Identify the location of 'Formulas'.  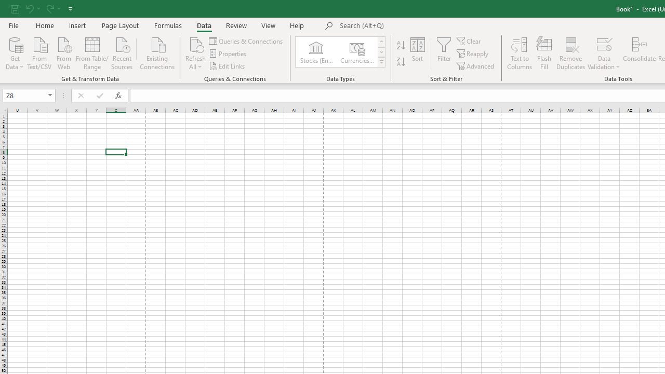
(168, 25).